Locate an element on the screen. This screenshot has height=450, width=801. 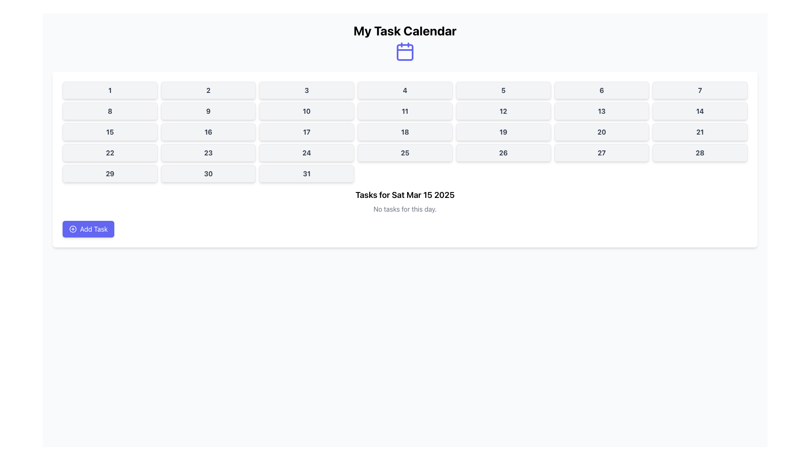
the static text that informs users there are no tasks scheduled for the selected day, located under the header 'Tasks for Sat Mar 15 2025' and above the 'Add Task' button is located at coordinates (405, 208).